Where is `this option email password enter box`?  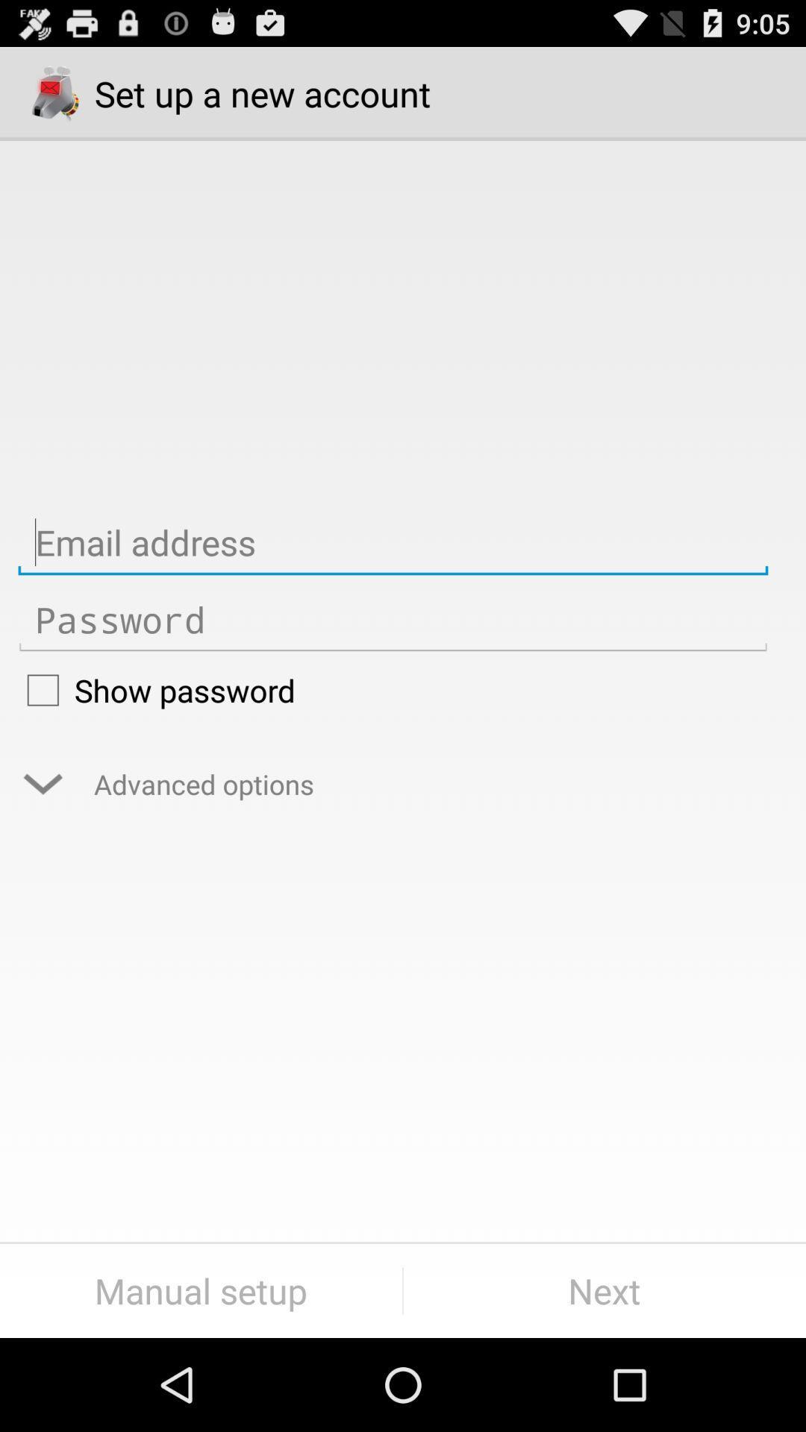
this option email password enter box is located at coordinates (392, 620).